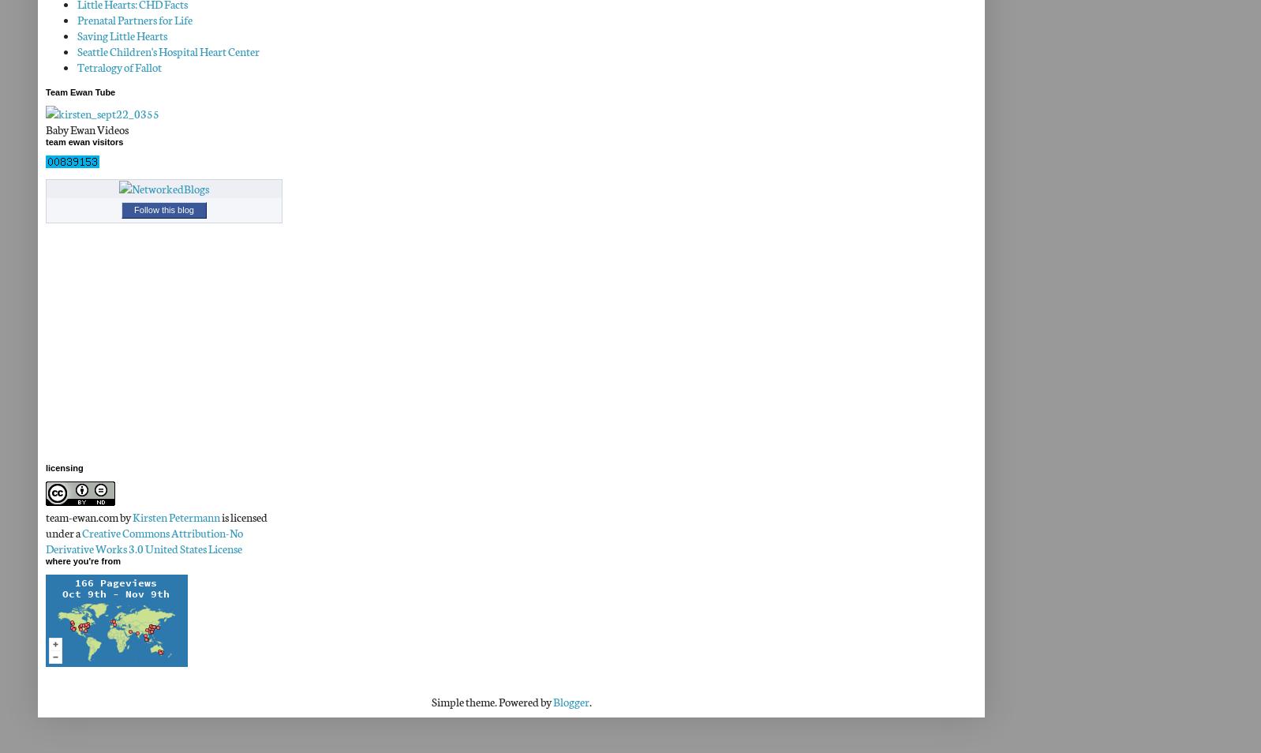 Image resolution: width=1261 pixels, height=753 pixels. I want to click on 'Simple theme. Powered by', so click(492, 702).